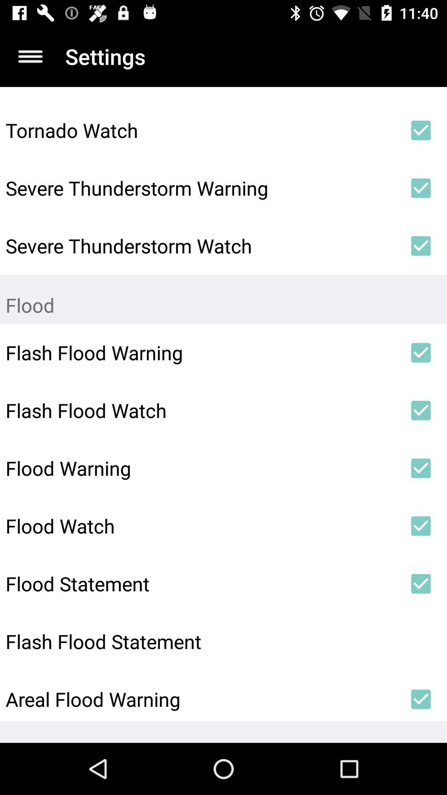 The image size is (447, 795). Describe the element at coordinates (421, 699) in the screenshot. I see `the icon to the right of areal flood warning icon` at that location.